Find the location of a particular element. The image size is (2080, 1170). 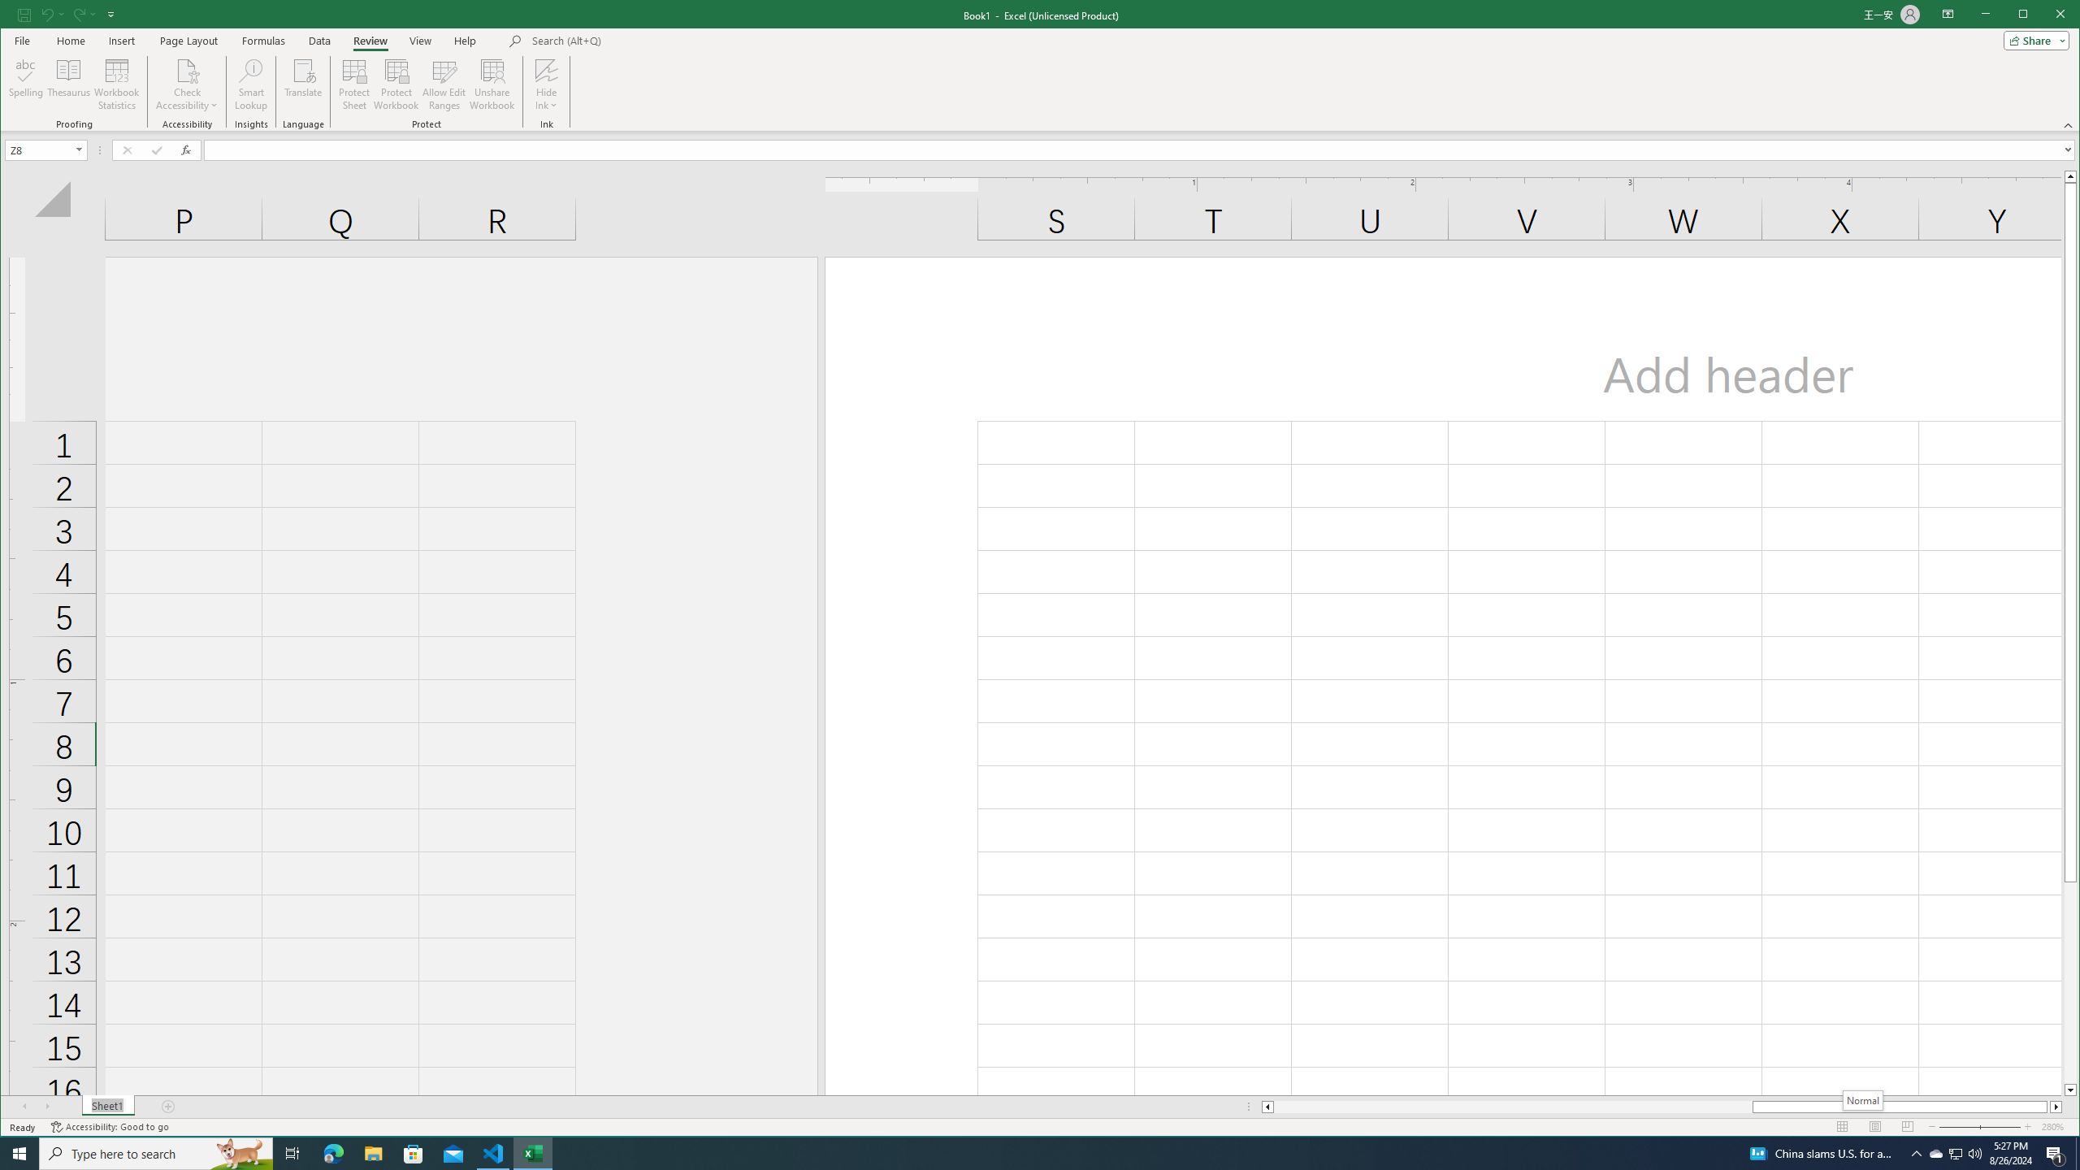

'Spelling...' is located at coordinates (26, 84).